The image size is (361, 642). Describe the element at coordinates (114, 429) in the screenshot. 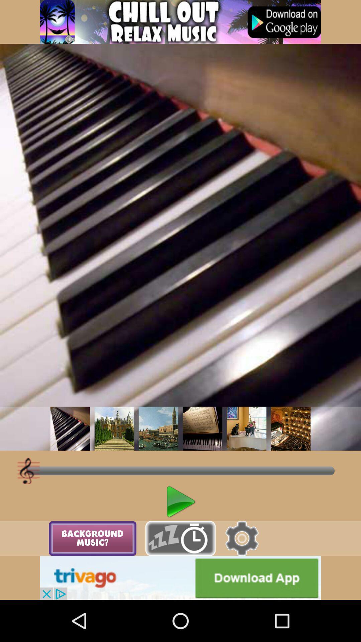

I see `show image` at that location.